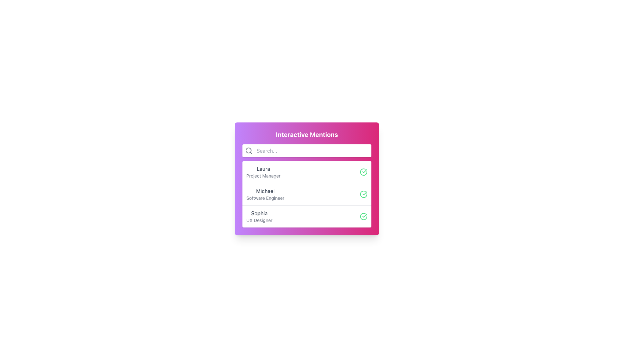  What do you see at coordinates (259, 213) in the screenshot?
I see `the text label displaying the name 'Sophia', which is part of a user information block and located in the bottom list item of the user mention list` at bounding box center [259, 213].